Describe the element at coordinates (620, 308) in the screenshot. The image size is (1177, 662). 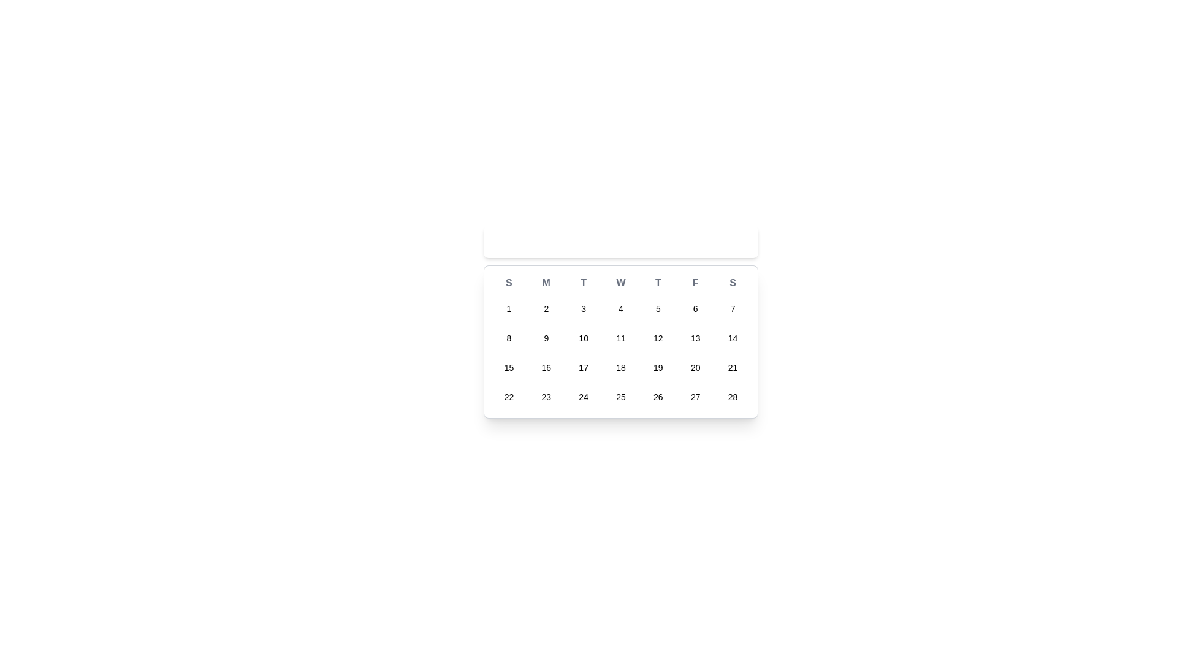
I see `the Button-like interactive calendar day box containing the number '4'` at that location.